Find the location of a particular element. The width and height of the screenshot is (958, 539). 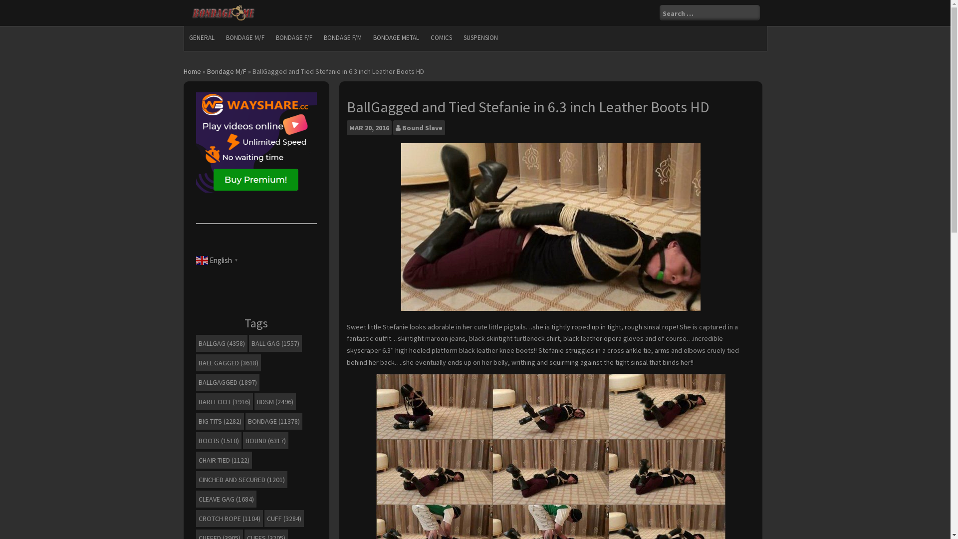

'CINCHED AND SECURED (1201)' is located at coordinates (241, 479).